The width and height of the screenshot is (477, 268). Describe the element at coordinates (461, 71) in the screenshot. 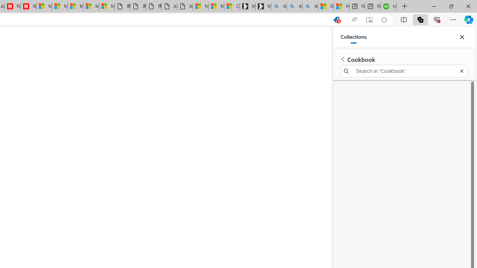

I see `'Exit search'` at that location.